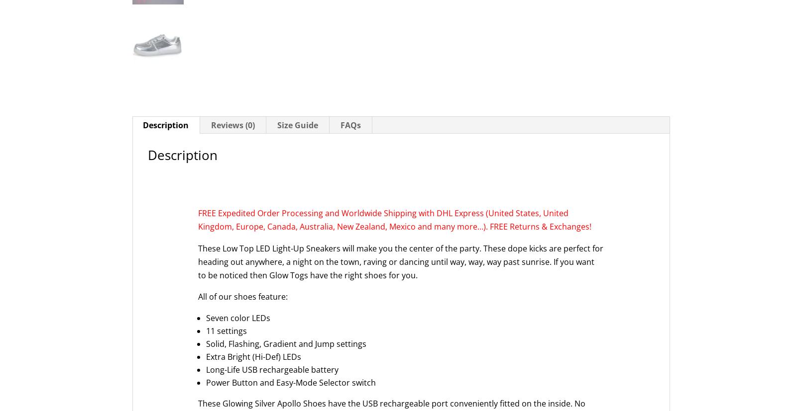 The width and height of the screenshot is (802, 411). Describe the element at coordinates (237, 318) in the screenshot. I see `'Seven color LEDs'` at that location.